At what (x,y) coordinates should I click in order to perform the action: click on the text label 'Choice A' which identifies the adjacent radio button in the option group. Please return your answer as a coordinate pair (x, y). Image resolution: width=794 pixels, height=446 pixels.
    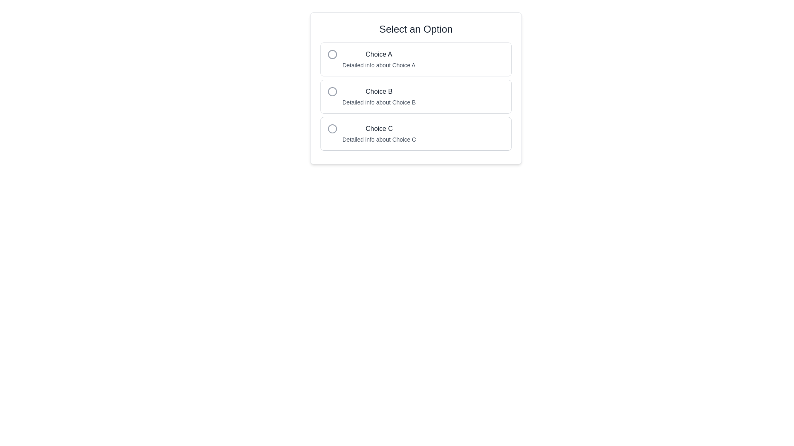
    Looking at the image, I should click on (378, 54).